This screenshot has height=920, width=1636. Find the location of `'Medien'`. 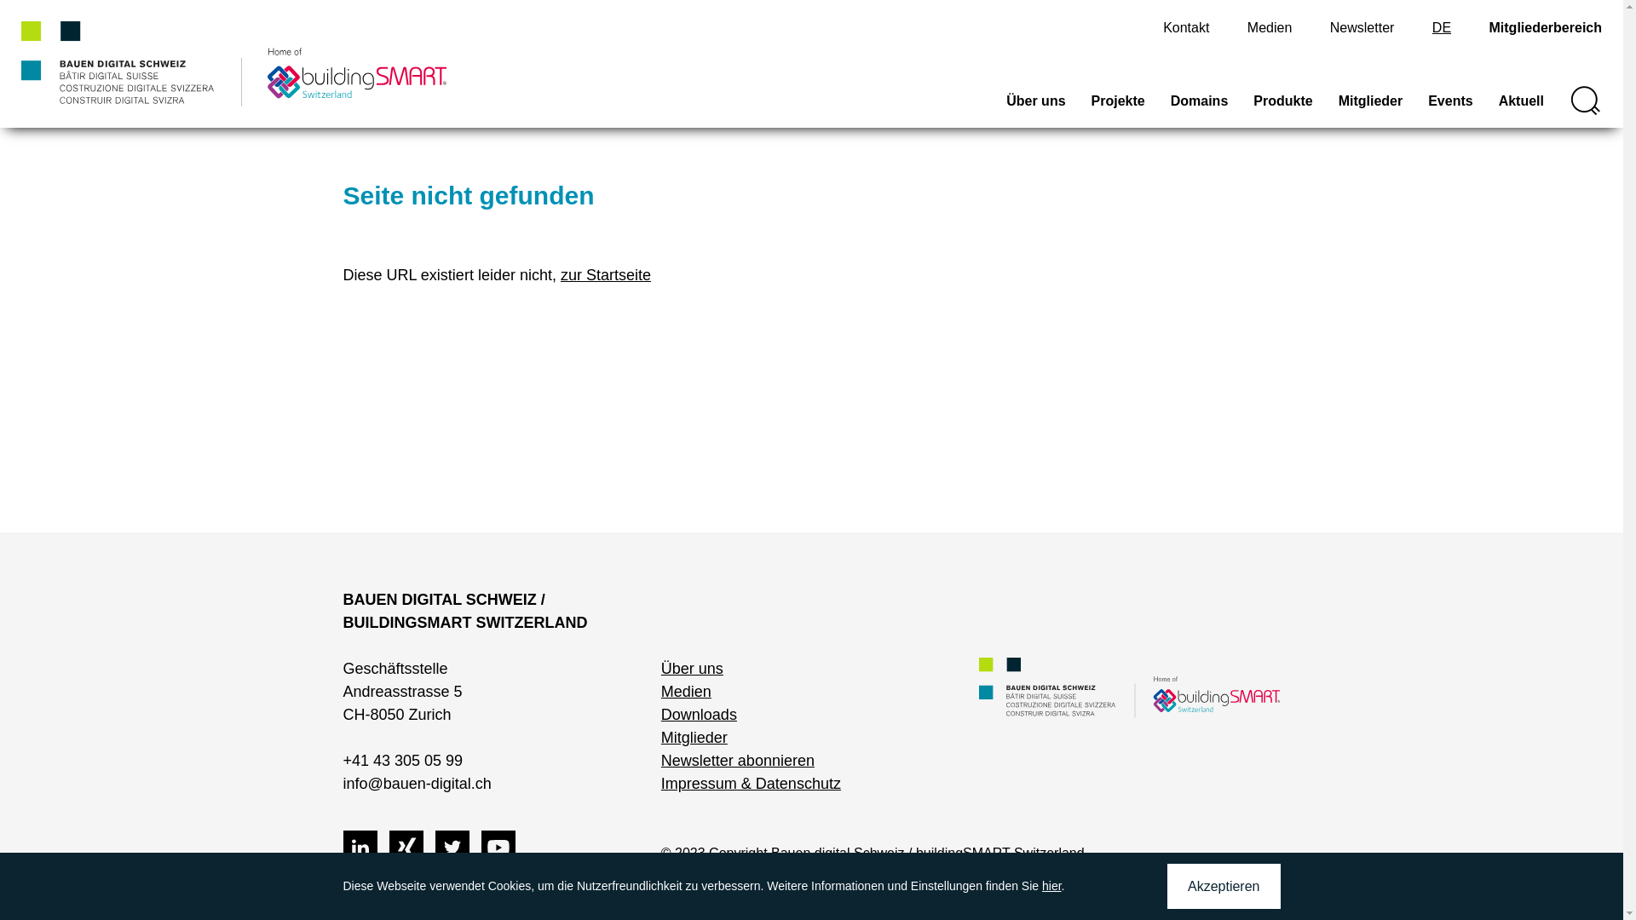

'Medien' is located at coordinates (1247, 27).